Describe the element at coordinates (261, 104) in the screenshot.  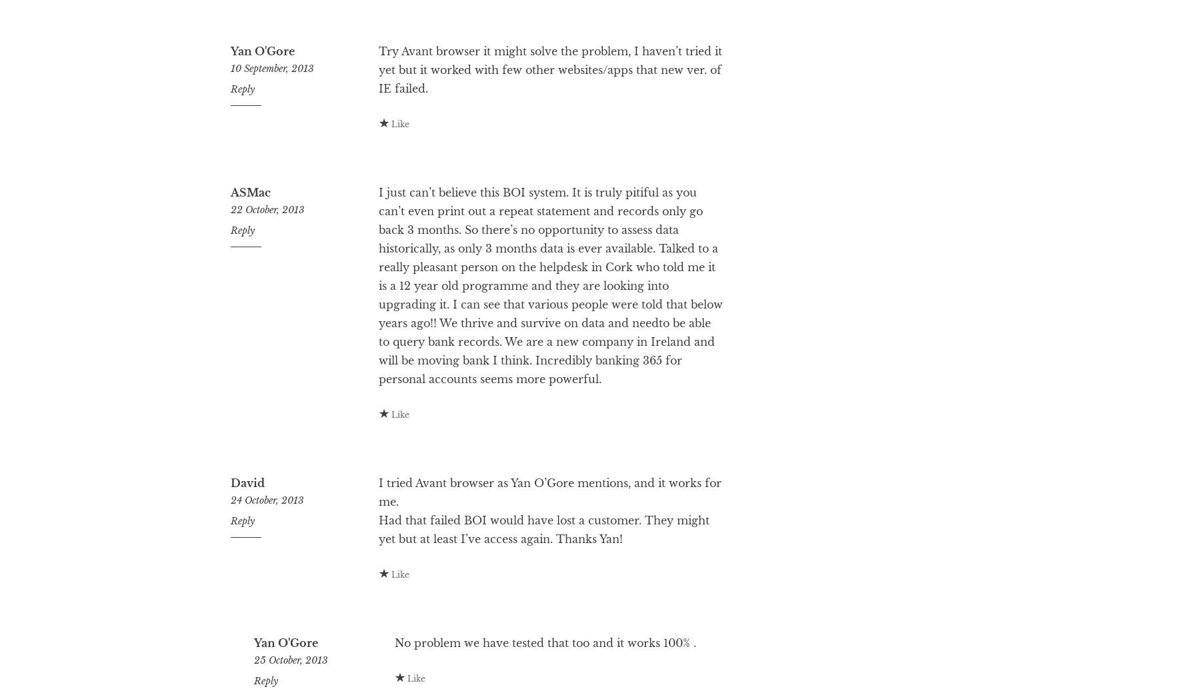
I see `'Yan O'Gore'` at that location.